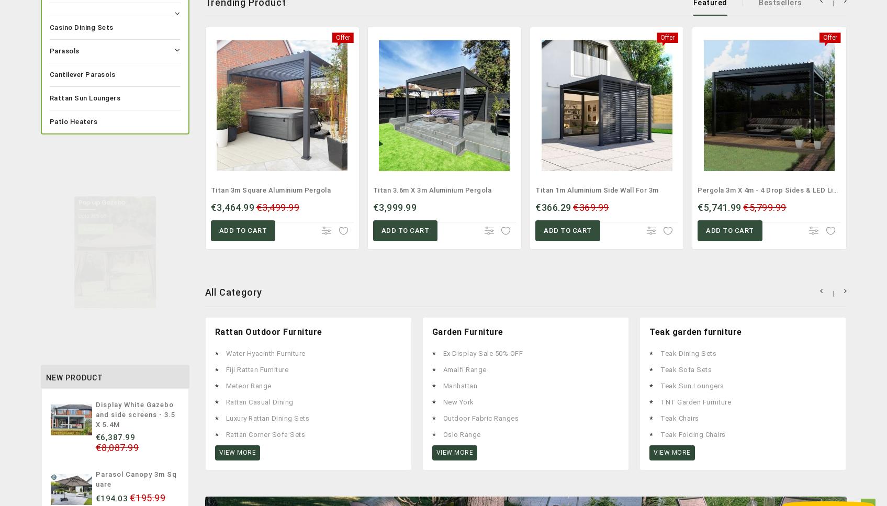 The image size is (887, 506). I want to click on 'Patio Heaters', so click(73, 121).